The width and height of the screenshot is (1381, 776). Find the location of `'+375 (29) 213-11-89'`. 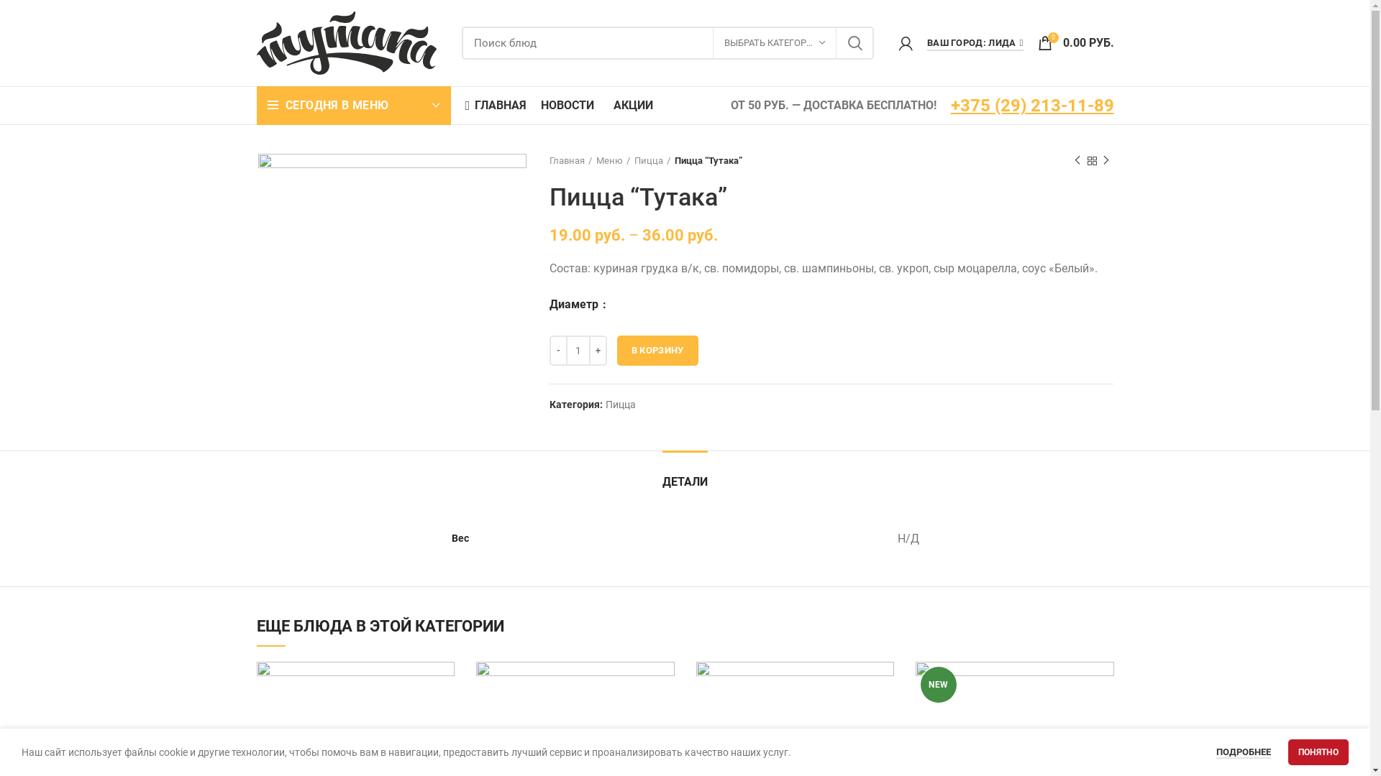

'+375 (29) 213-11-89' is located at coordinates (1031, 104).